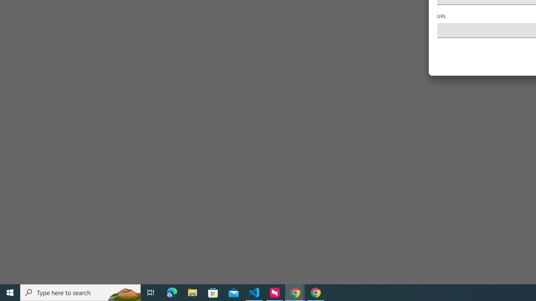  What do you see at coordinates (123, 292) in the screenshot?
I see `'Search highlights icon opens search home window'` at bounding box center [123, 292].